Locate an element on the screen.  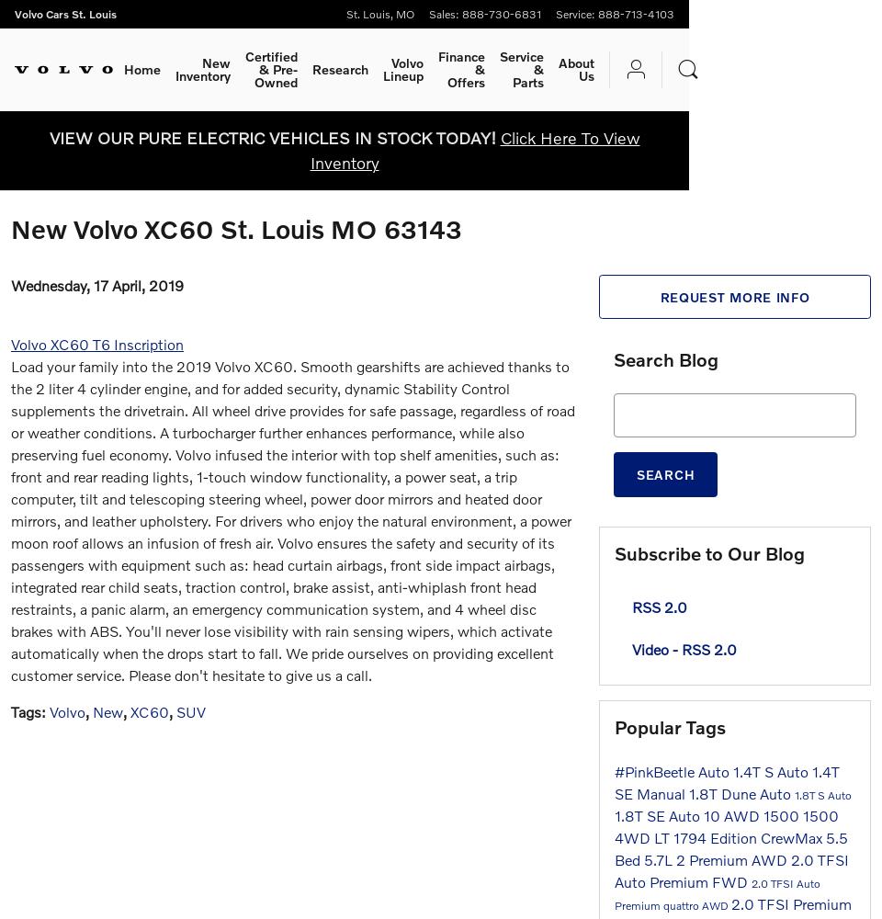
'New Volvo XC60 St. Louis MO 63143' is located at coordinates (235, 228).